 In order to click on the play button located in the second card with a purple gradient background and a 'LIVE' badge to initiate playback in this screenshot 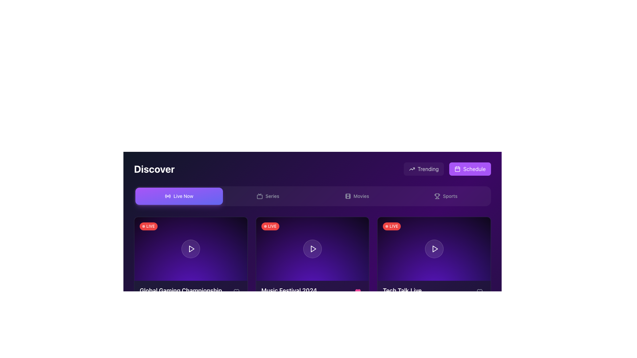, I will do `click(312, 249)`.